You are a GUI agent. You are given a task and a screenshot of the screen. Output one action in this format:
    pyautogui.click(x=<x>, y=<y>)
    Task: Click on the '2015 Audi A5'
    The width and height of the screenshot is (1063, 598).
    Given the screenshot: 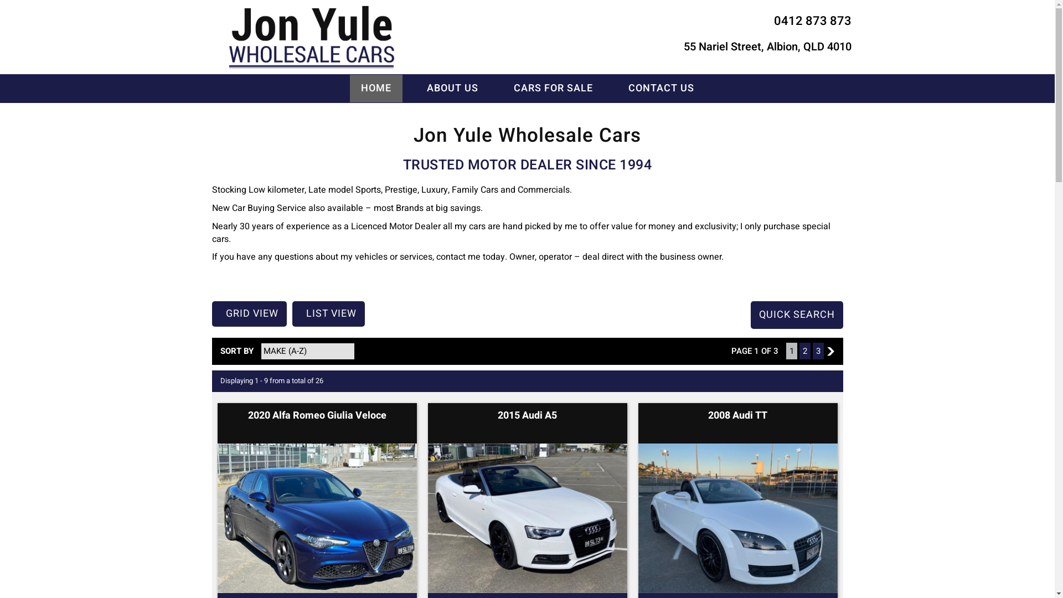 What is the action you would take?
    pyautogui.click(x=527, y=415)
    